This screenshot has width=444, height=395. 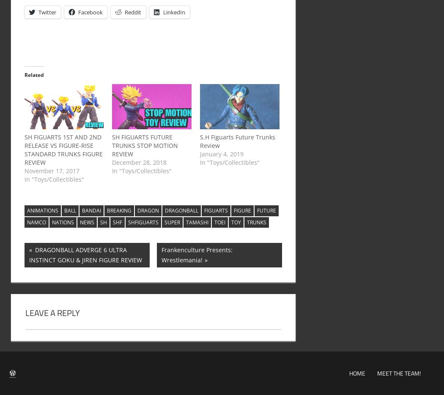 I want to click on 'breaking', so click(x=118, y=210).